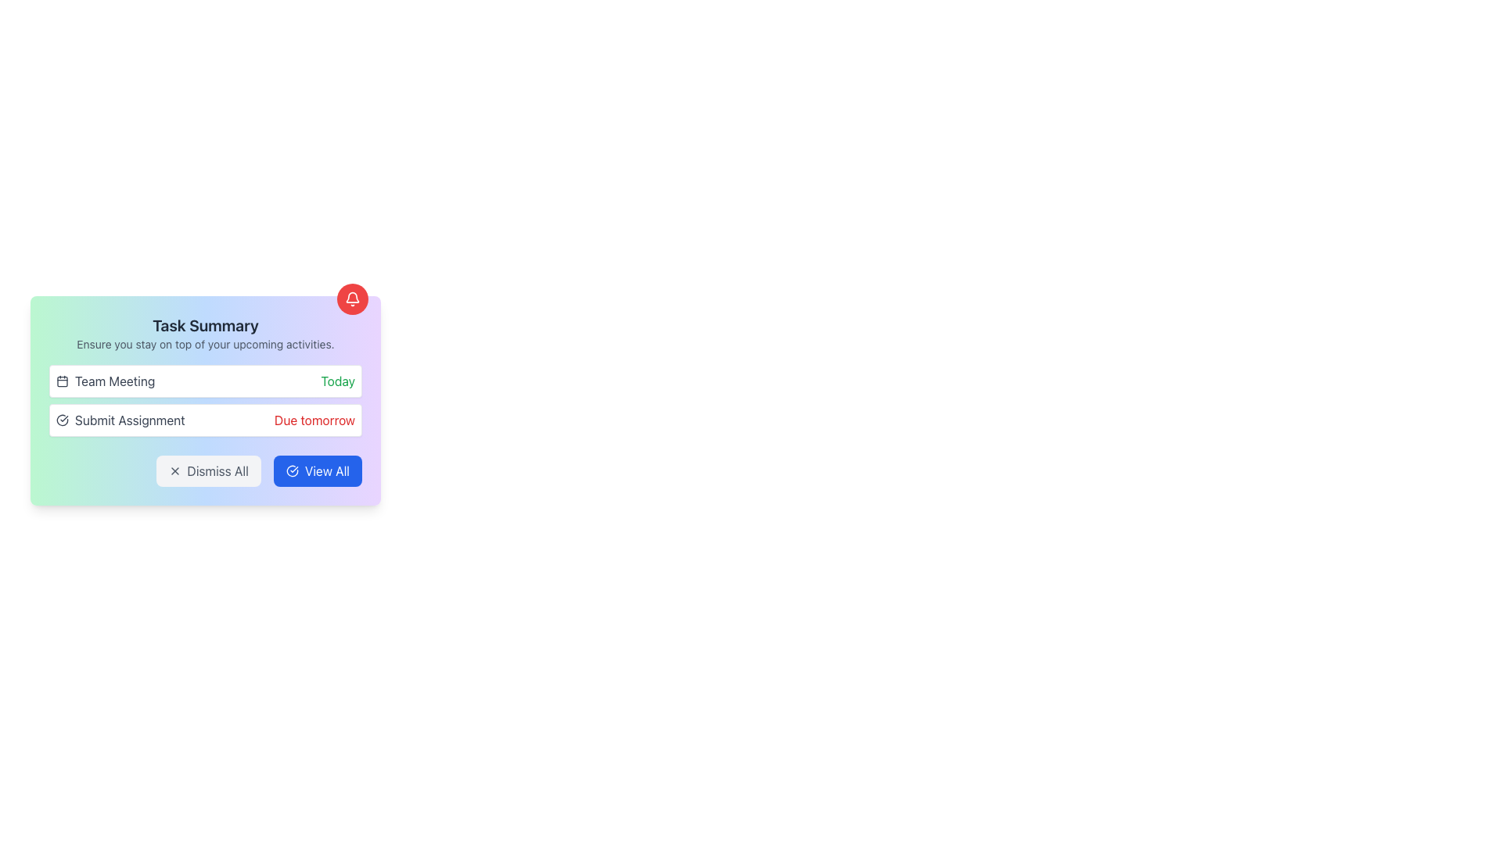  I want to click on the calendar icon located to the left of the 'Team Meeting' text, which represents date-related functionality, so click(63, 381).